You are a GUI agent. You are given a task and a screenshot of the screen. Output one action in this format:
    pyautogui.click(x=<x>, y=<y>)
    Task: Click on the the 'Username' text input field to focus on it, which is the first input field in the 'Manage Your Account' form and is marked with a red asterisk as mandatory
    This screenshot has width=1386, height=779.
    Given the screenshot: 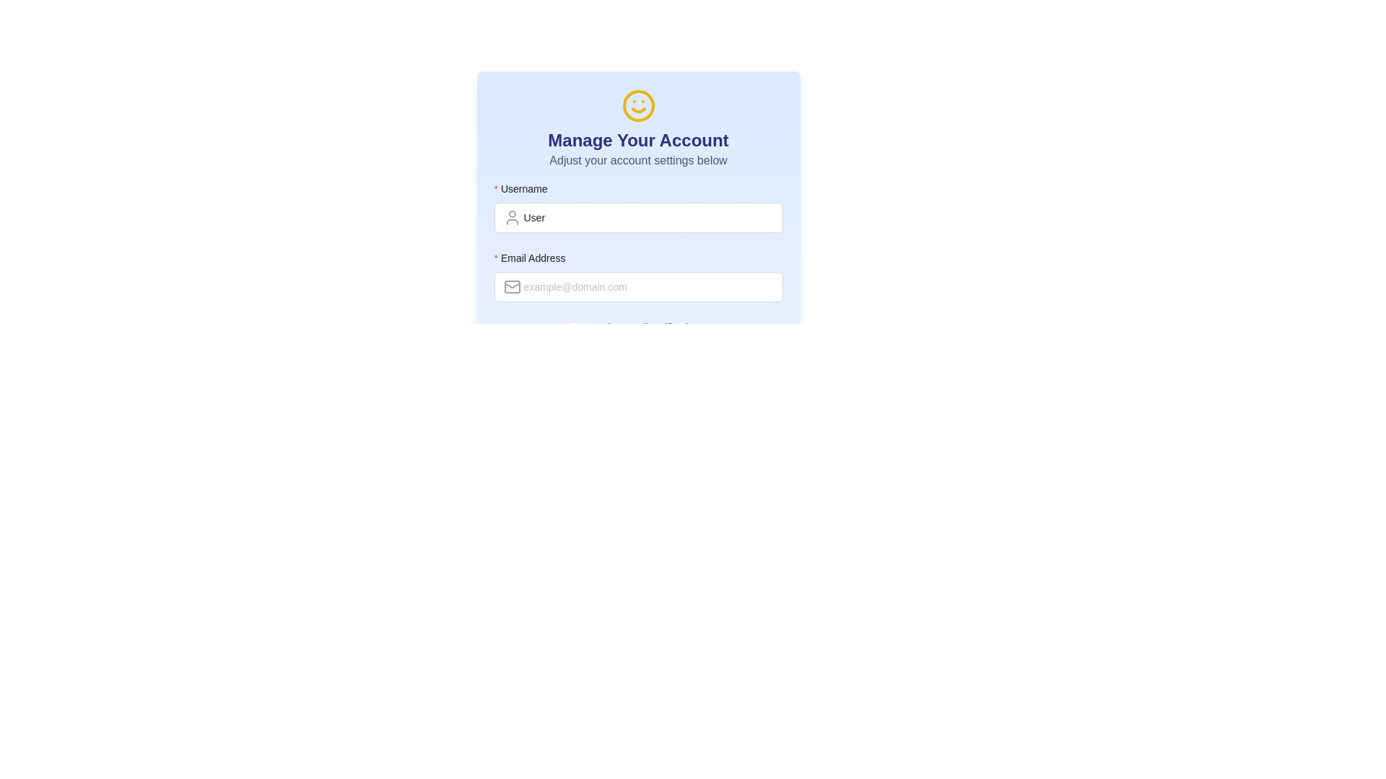 What is the action you would take?
    pyautogui.click(x=637, y=206)
    